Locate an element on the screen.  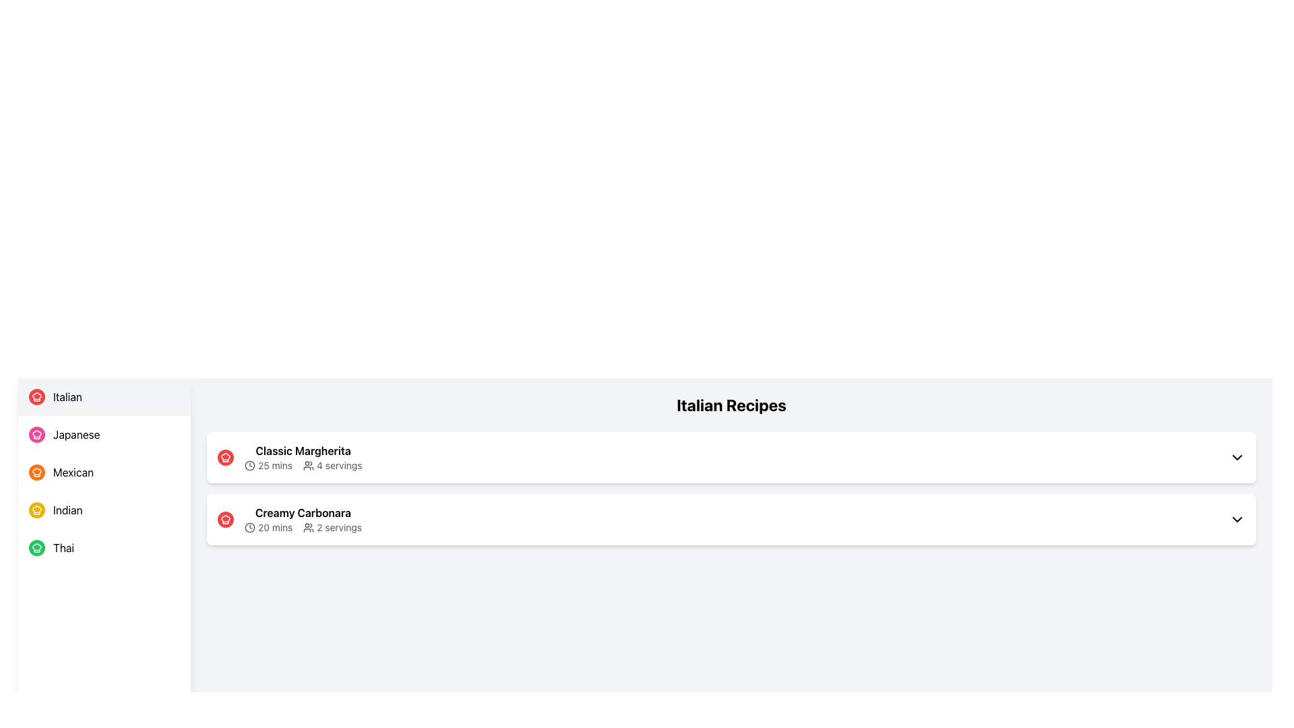
the text and icon displaying '4 servings' located next to the '25 mins' text in the recipe card for 'Classic Margherita' is located at coordinates (332, 464).